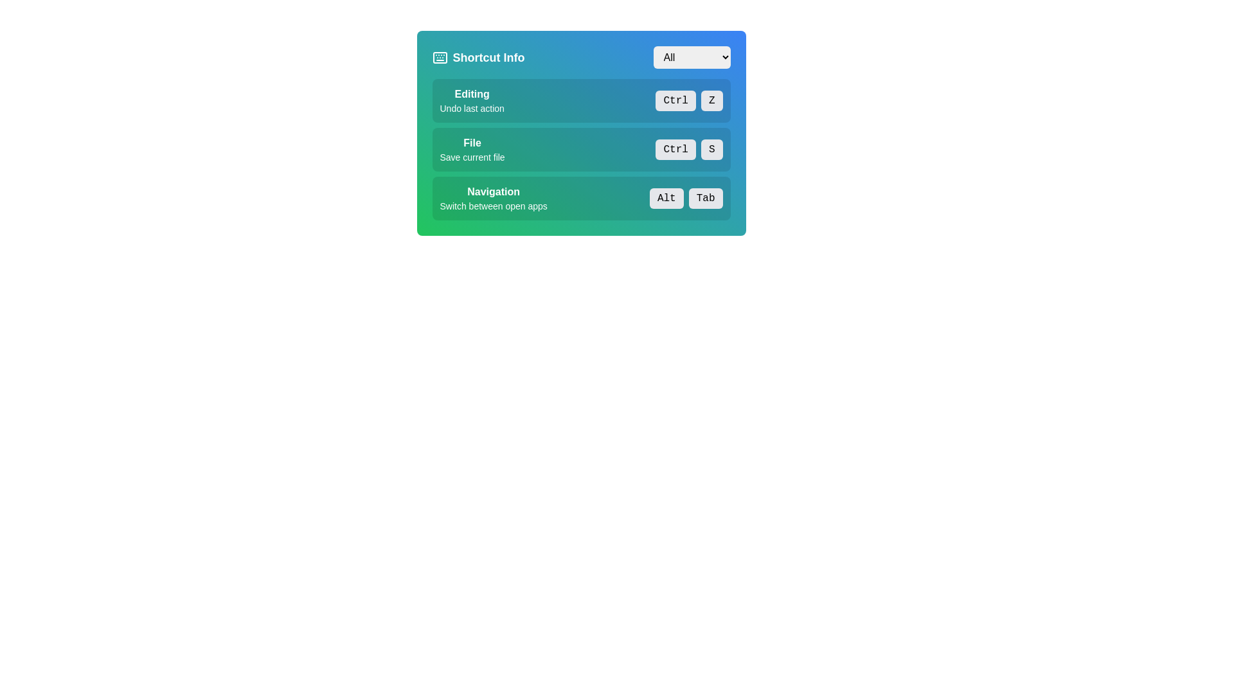  Describe the element at coordinates (493, 192) in the screenshot. I see `the bold white text labeled 'Navigation' that is prominently displayed against a green background, located at the top left of the menu detailing shortcuts` at that location.